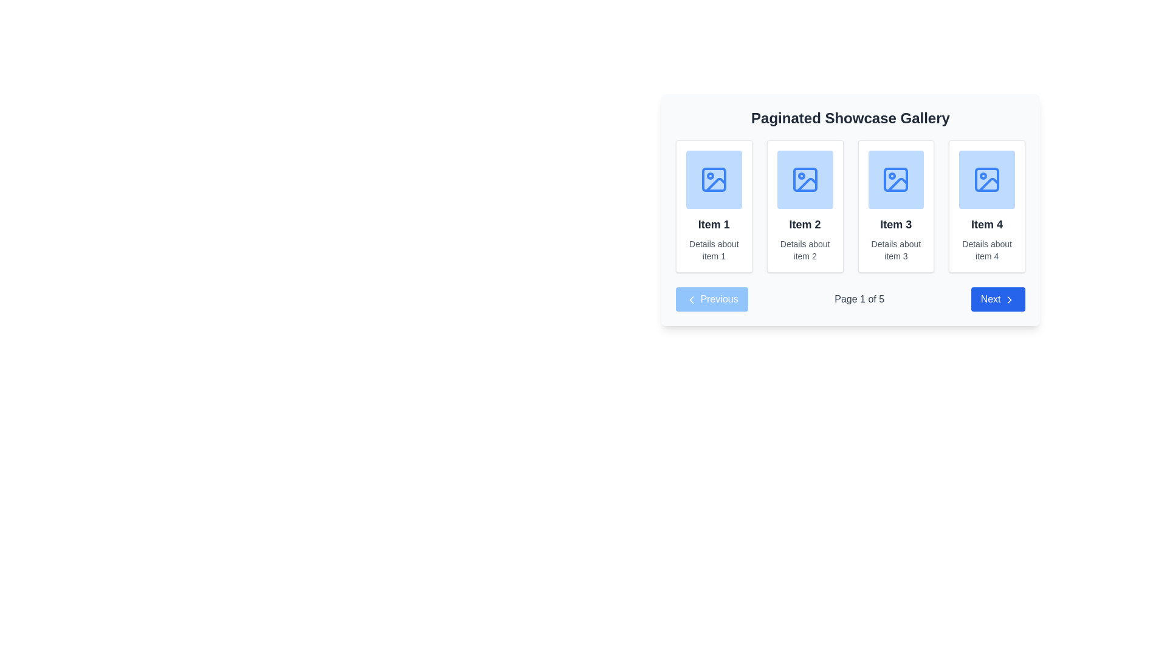 The width and height of the screenshot is (1167, 656). Describe the element at coordinates (714, 225) in the screenshot. I see `properties of the text element displaying 'Item 1', which is styled in bold and large font, located in the first card of the grid, above the description 'Details about item 1'` at that location.